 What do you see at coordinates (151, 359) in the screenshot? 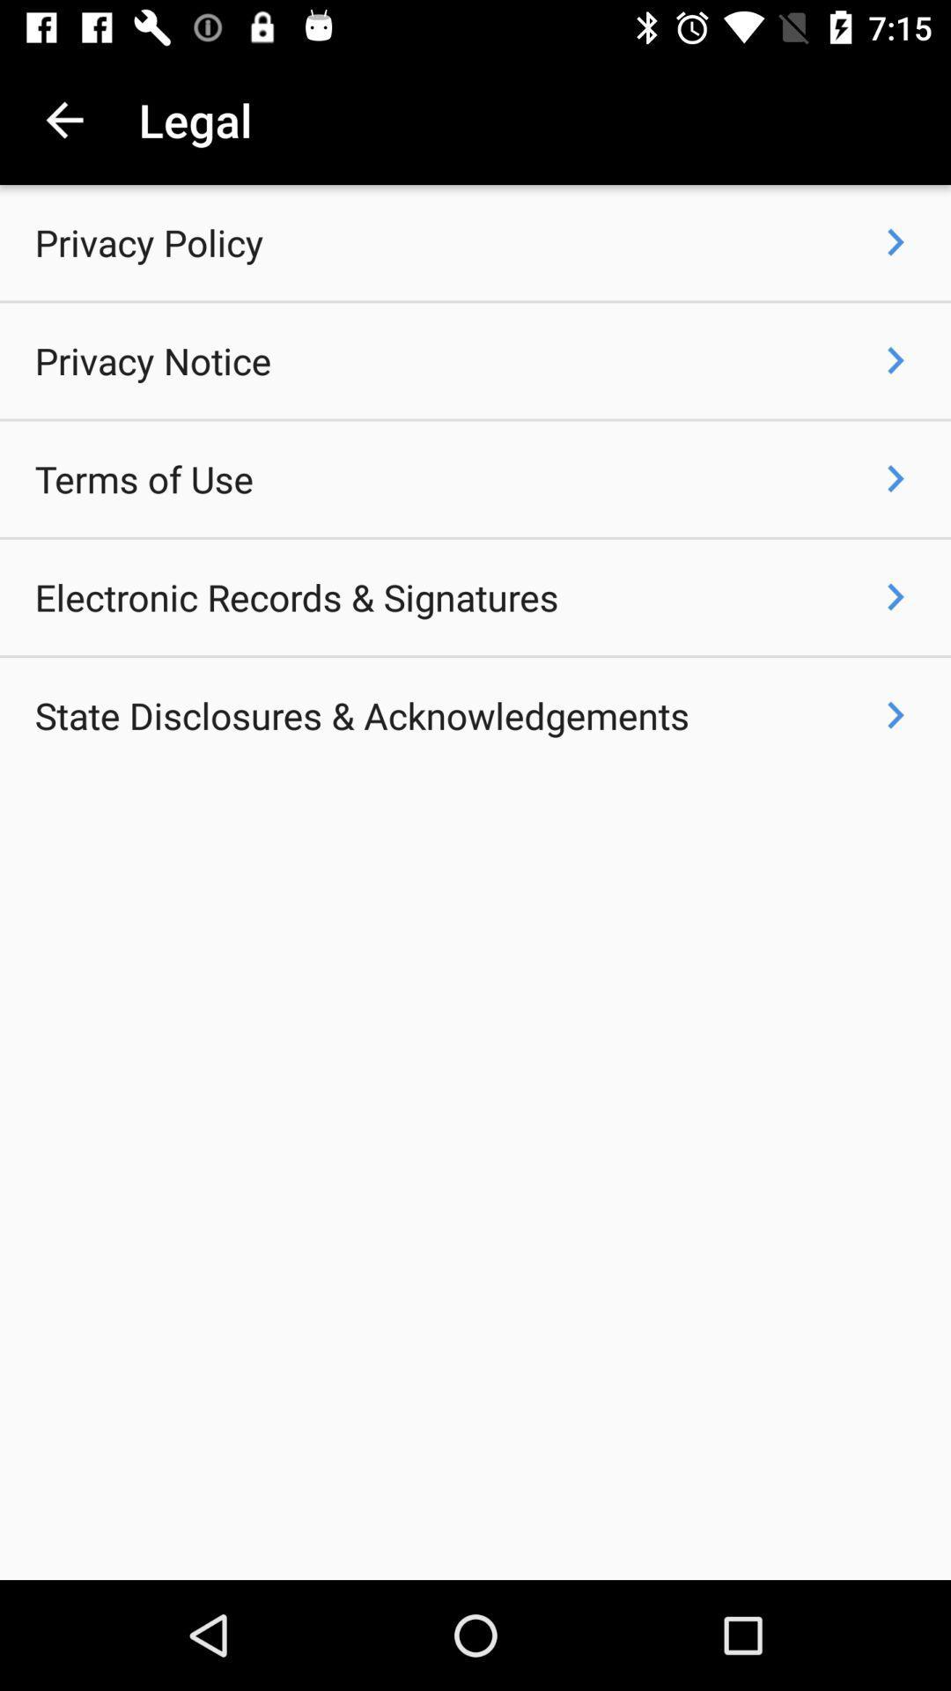
I see `the icon above the terms of use icon` at bounding box center [151, 359].